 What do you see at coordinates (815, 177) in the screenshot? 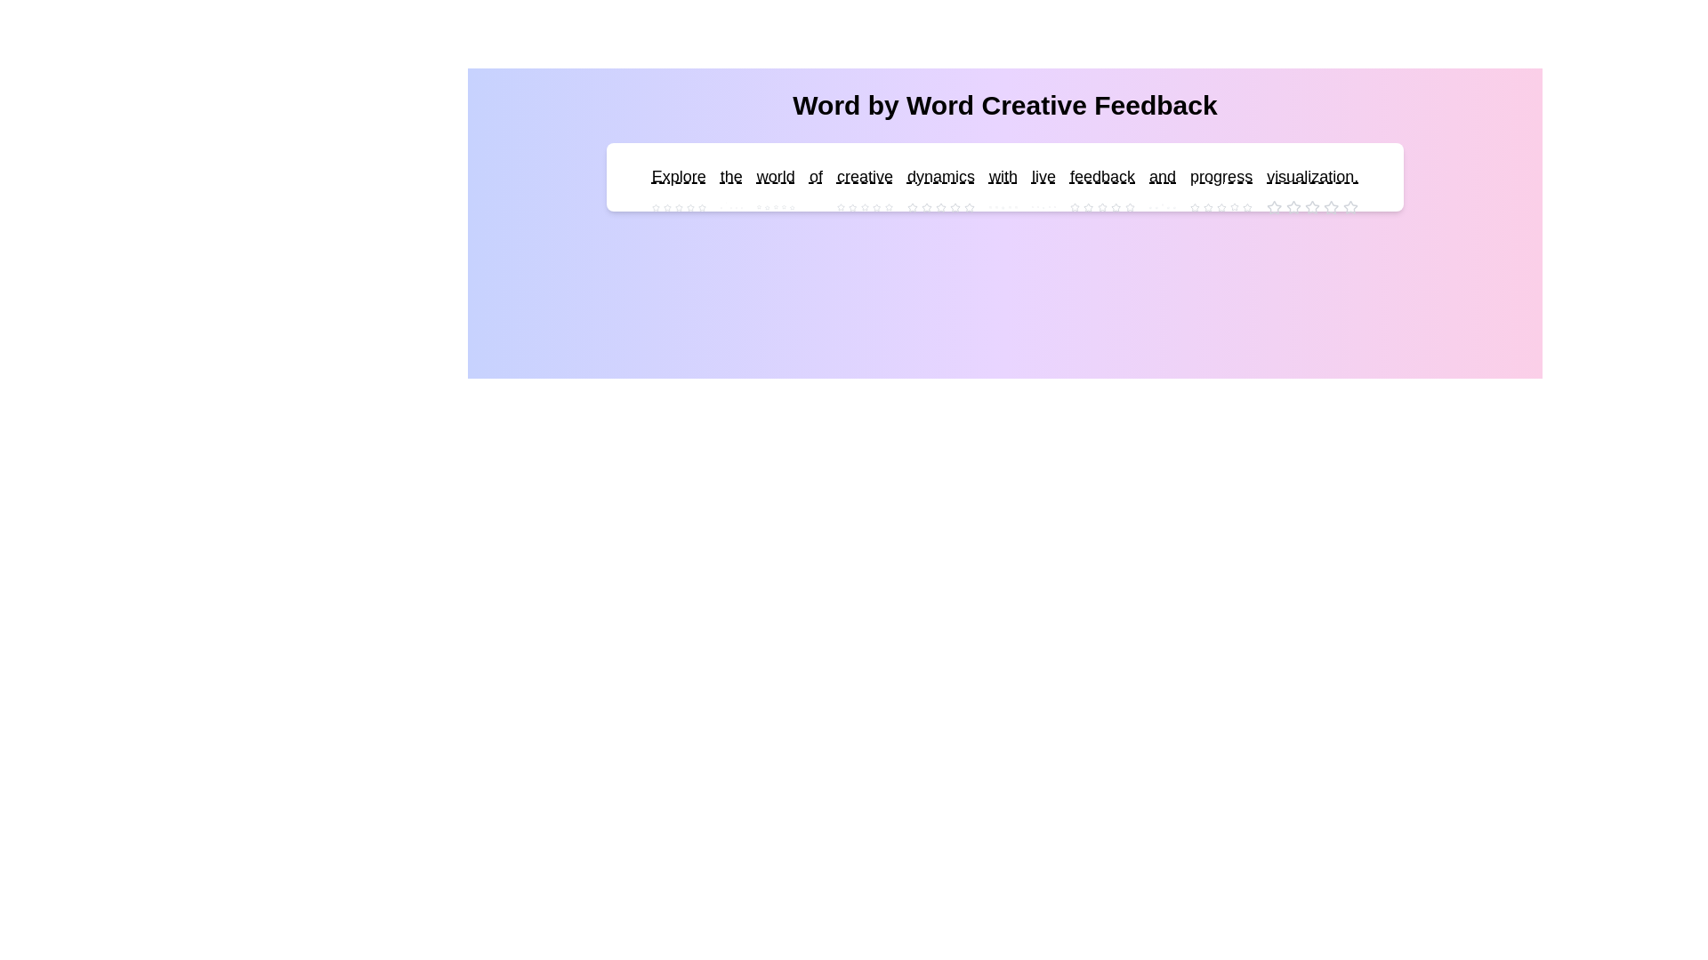
I see `the word 'of' to see its interactive area` at bounding box center [815, 177].